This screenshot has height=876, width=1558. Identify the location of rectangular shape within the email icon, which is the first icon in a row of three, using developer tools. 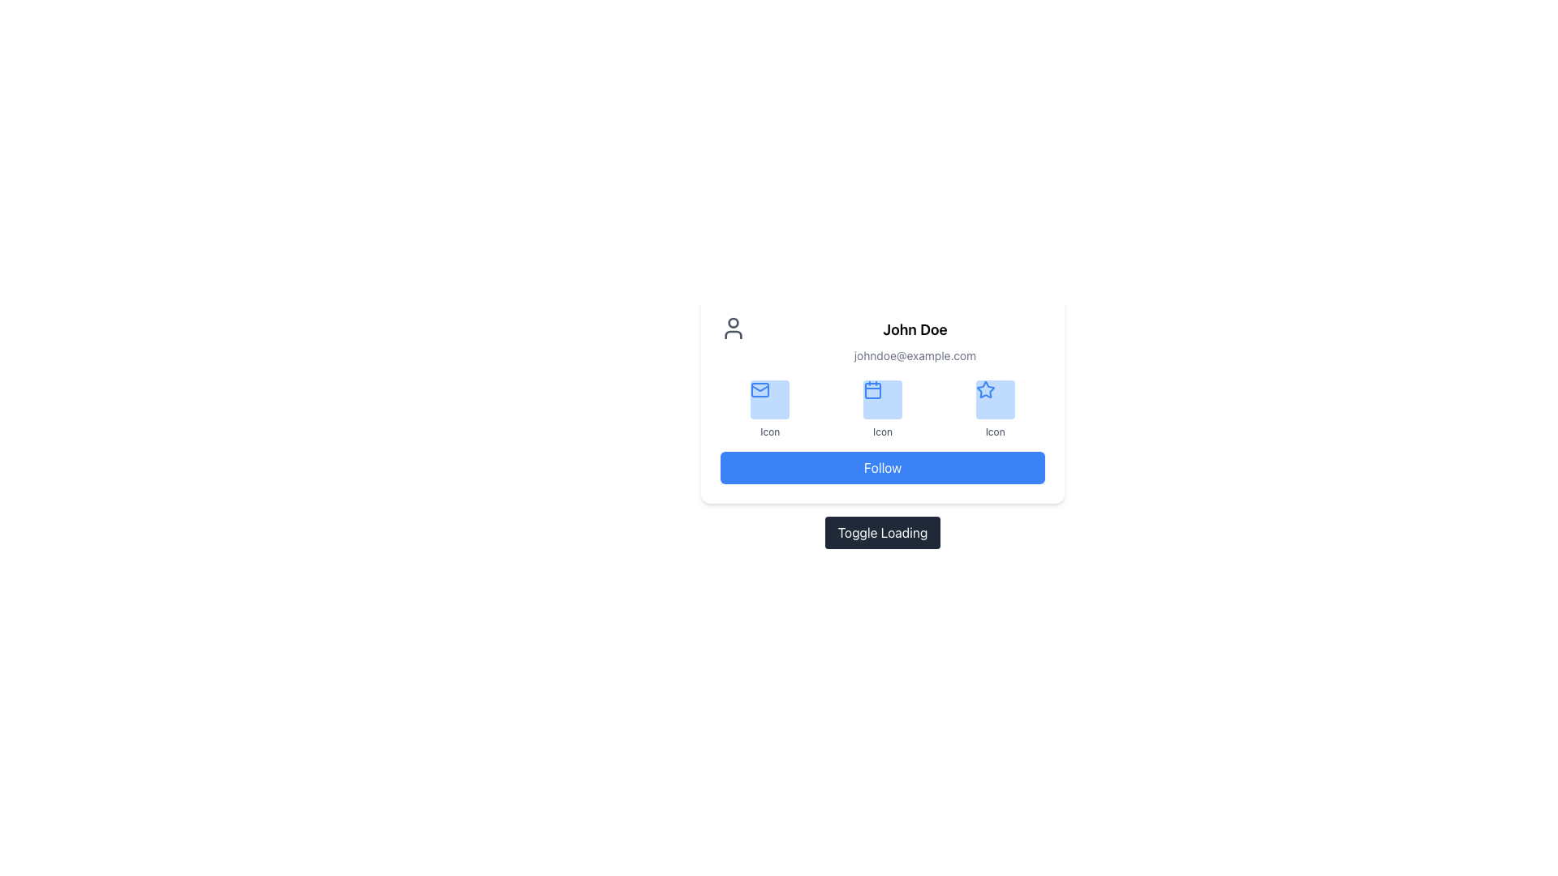
(760, 390).